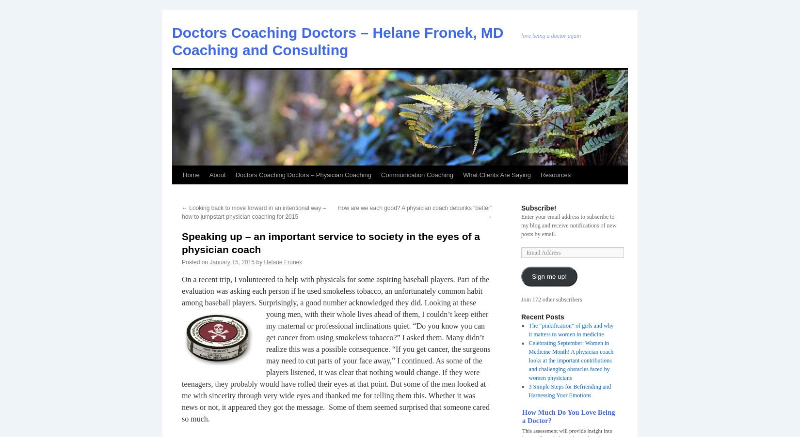 This screenshot has width=800, height=437. Describe the element at coordinates (551, 300) in the screenshot. I see `'Join 172 other subscribers'` at that location.